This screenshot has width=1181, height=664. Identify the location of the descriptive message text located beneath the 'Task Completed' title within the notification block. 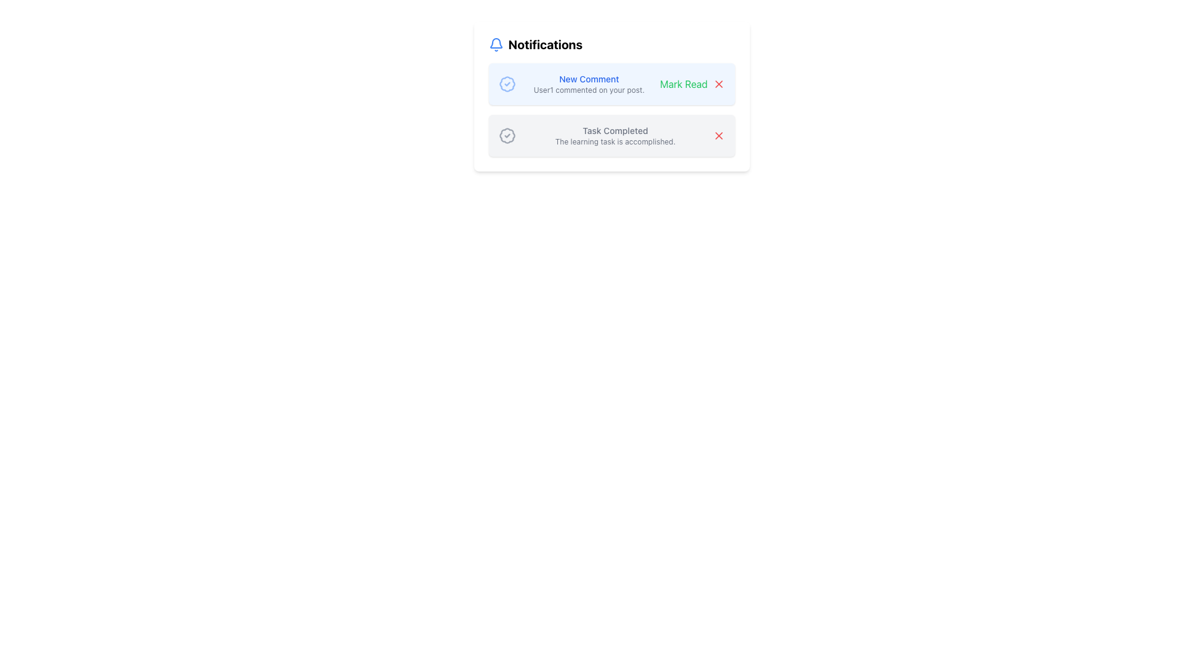
(615, 141).